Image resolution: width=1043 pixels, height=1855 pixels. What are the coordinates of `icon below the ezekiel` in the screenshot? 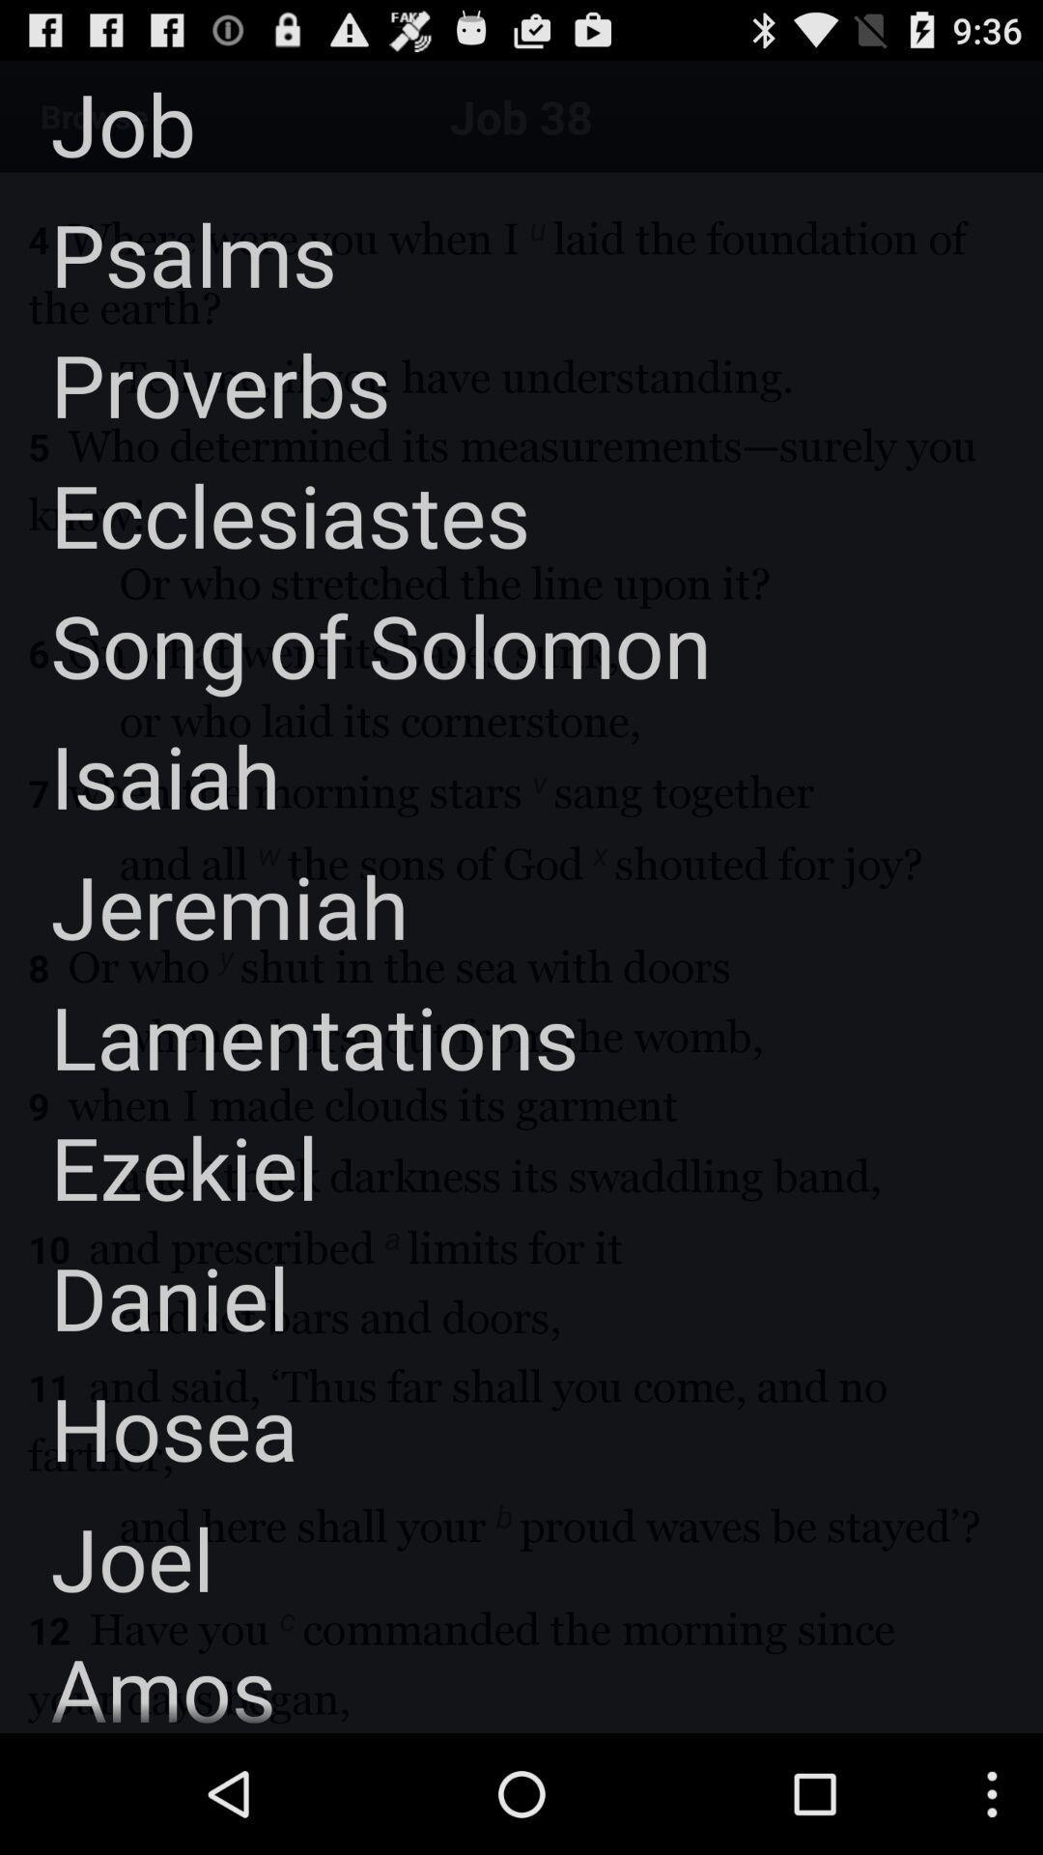 It's located at (144, 1297).